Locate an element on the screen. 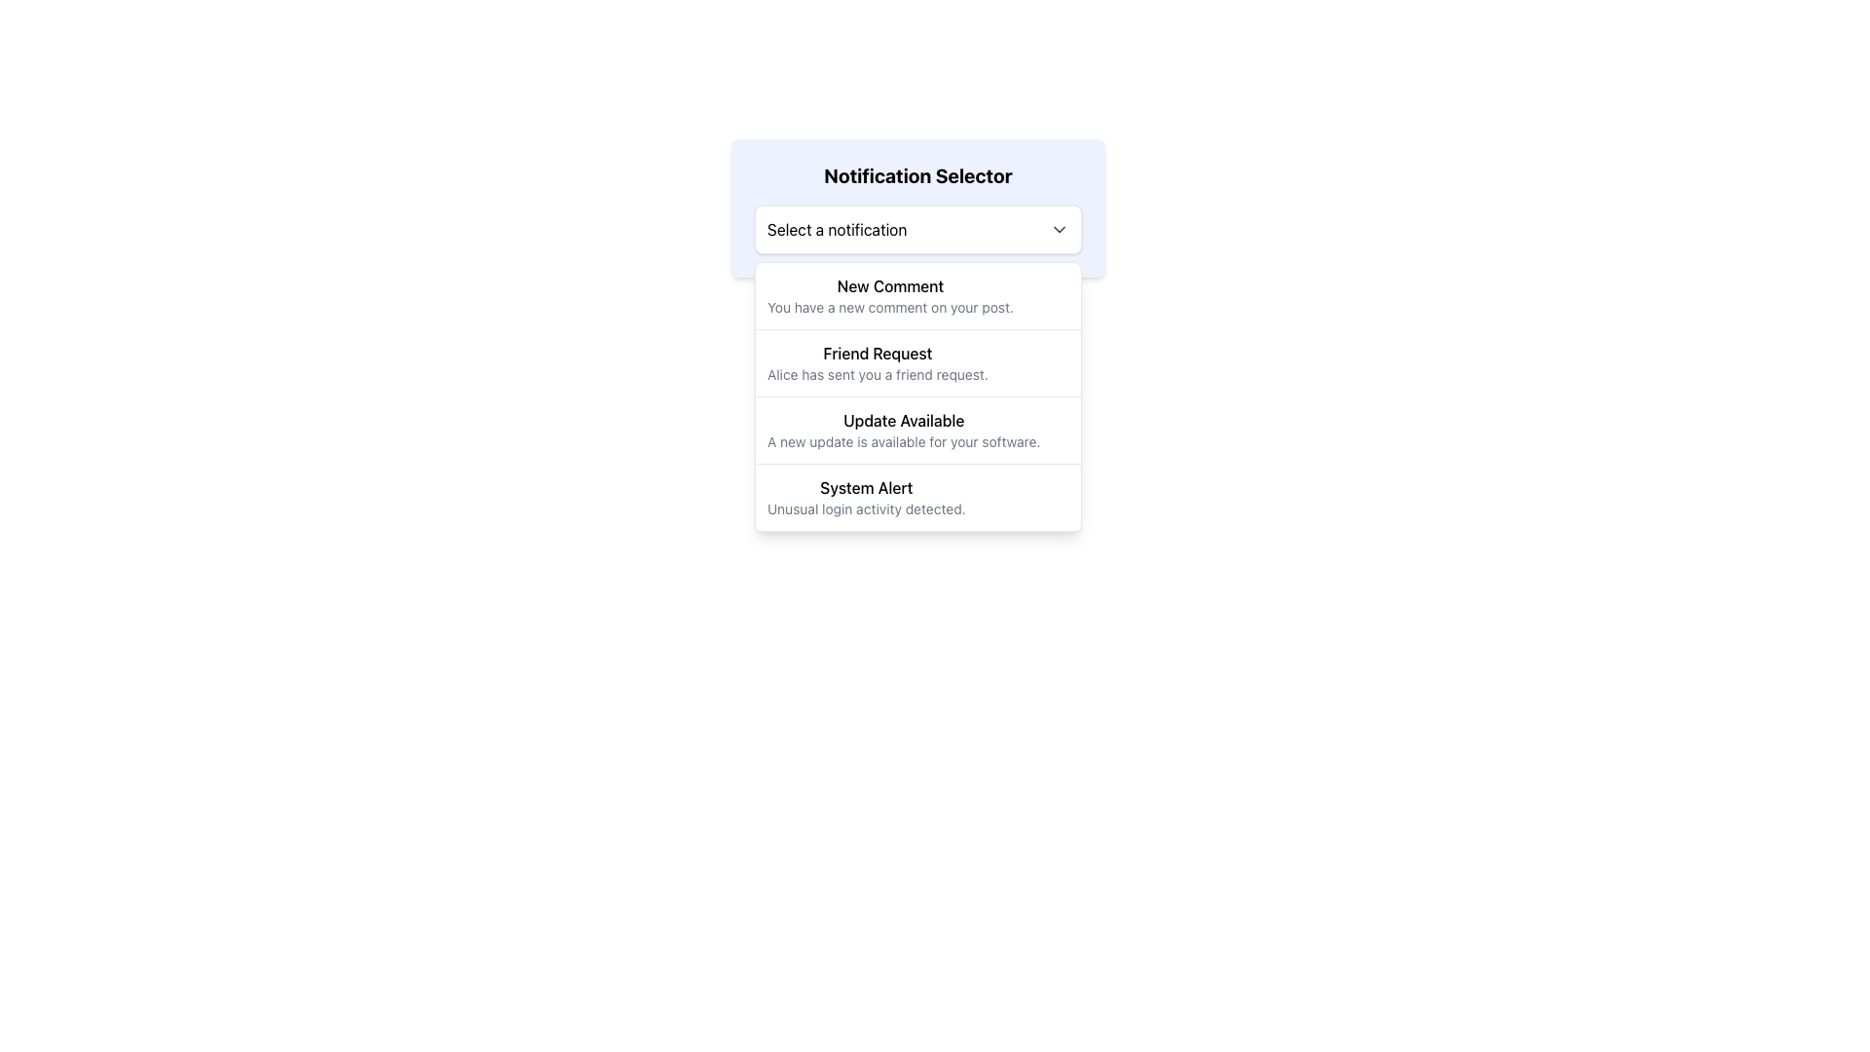  the Text label located directly beneath the 'Update Available' notification in the dropdown menu titled 'Notification Selector' is located at coordinates (903, 442).